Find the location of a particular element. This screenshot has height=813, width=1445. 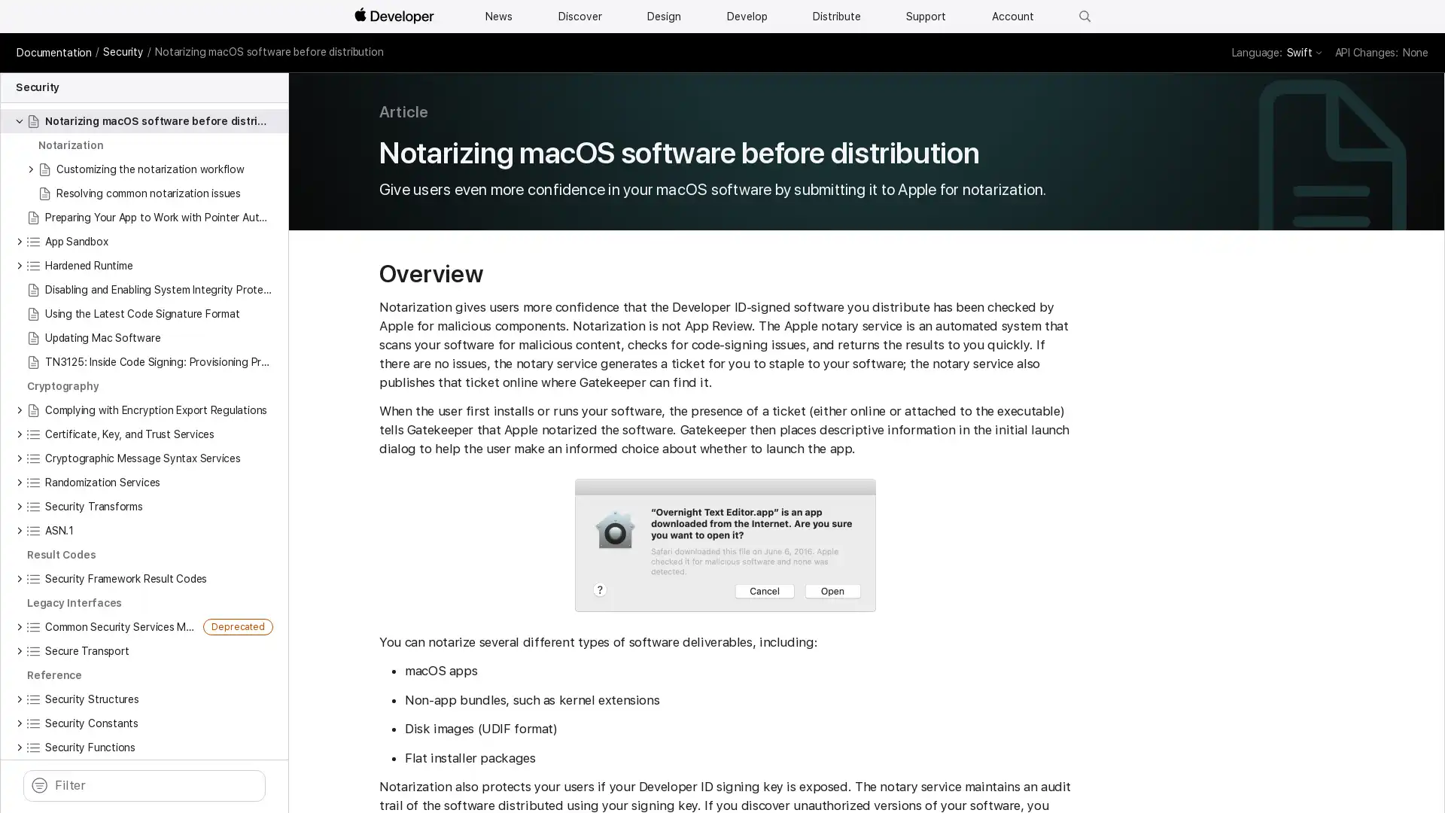

Security Constants is located at coordinates (17, 731).